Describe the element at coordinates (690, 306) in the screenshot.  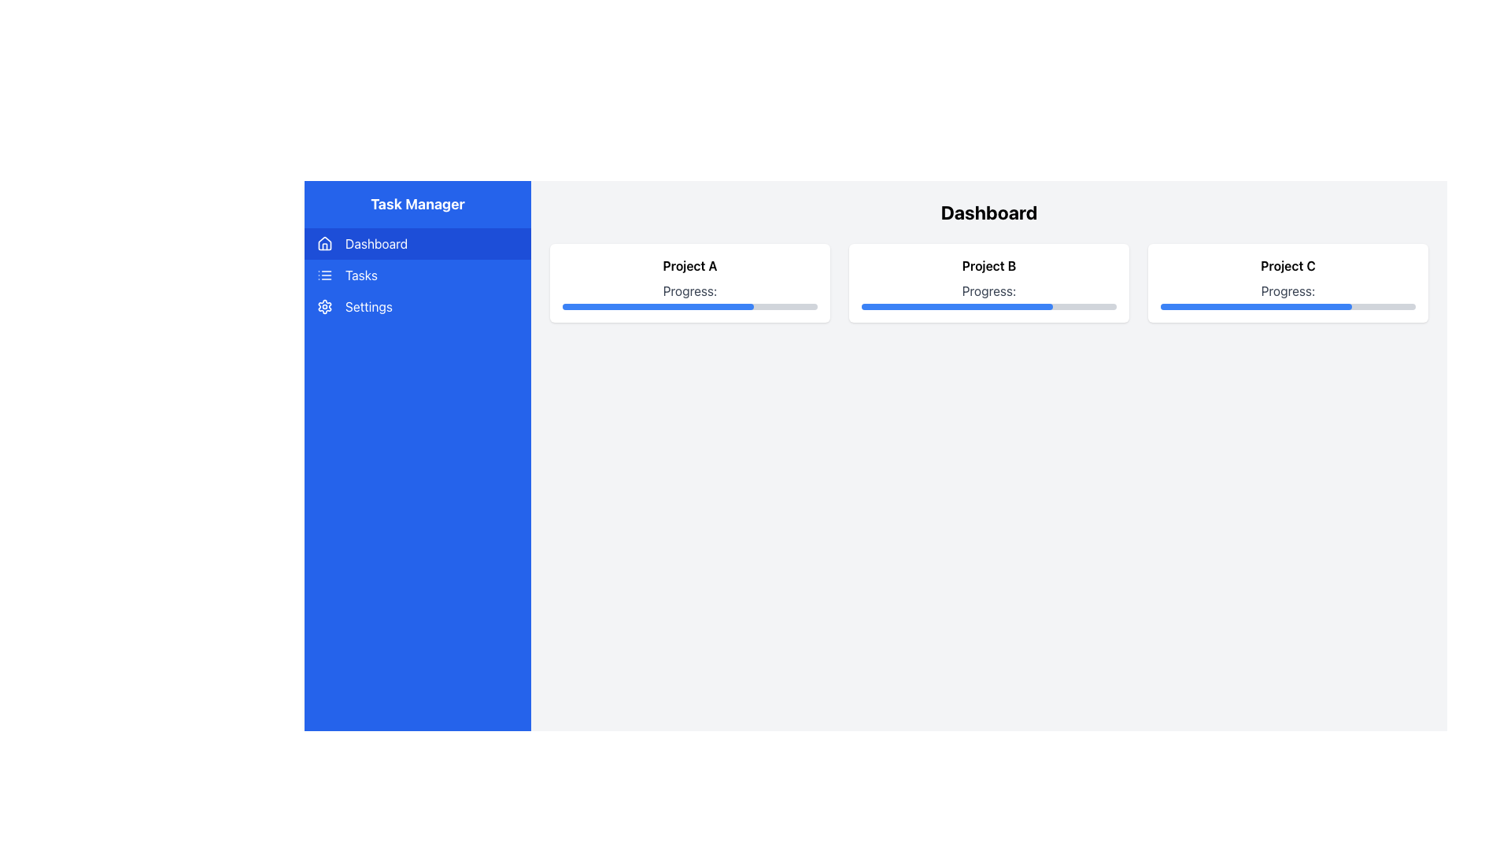
I see `the progress bar indicating the completion percentage of 'Project A' located below the 'Progress:' label on the dashboard` at that location.